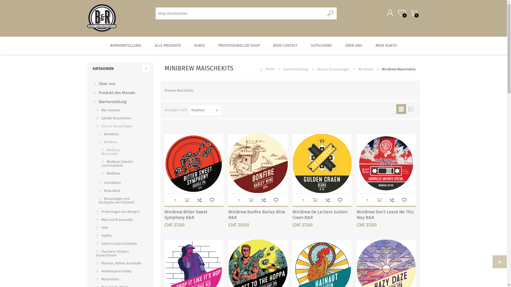  I want to click on 'MiniBrew Maischekits', so click(118, 152).